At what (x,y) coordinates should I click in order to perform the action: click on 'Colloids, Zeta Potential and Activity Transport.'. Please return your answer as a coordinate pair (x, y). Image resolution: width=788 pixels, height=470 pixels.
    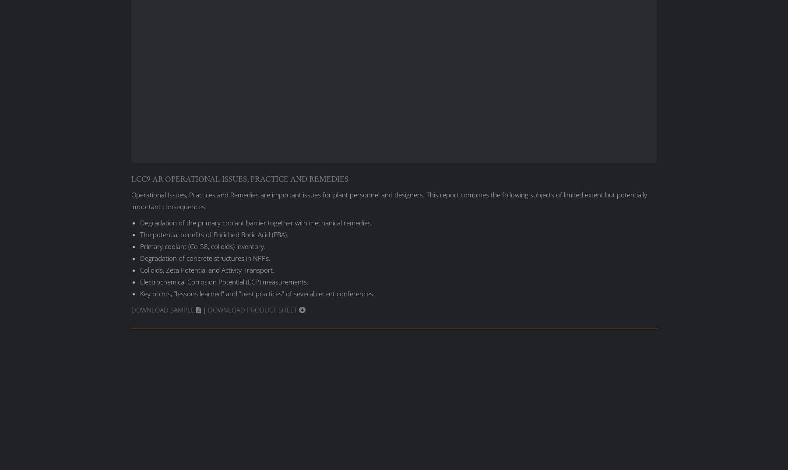
    Looking at the image, I should click on (207, 270).